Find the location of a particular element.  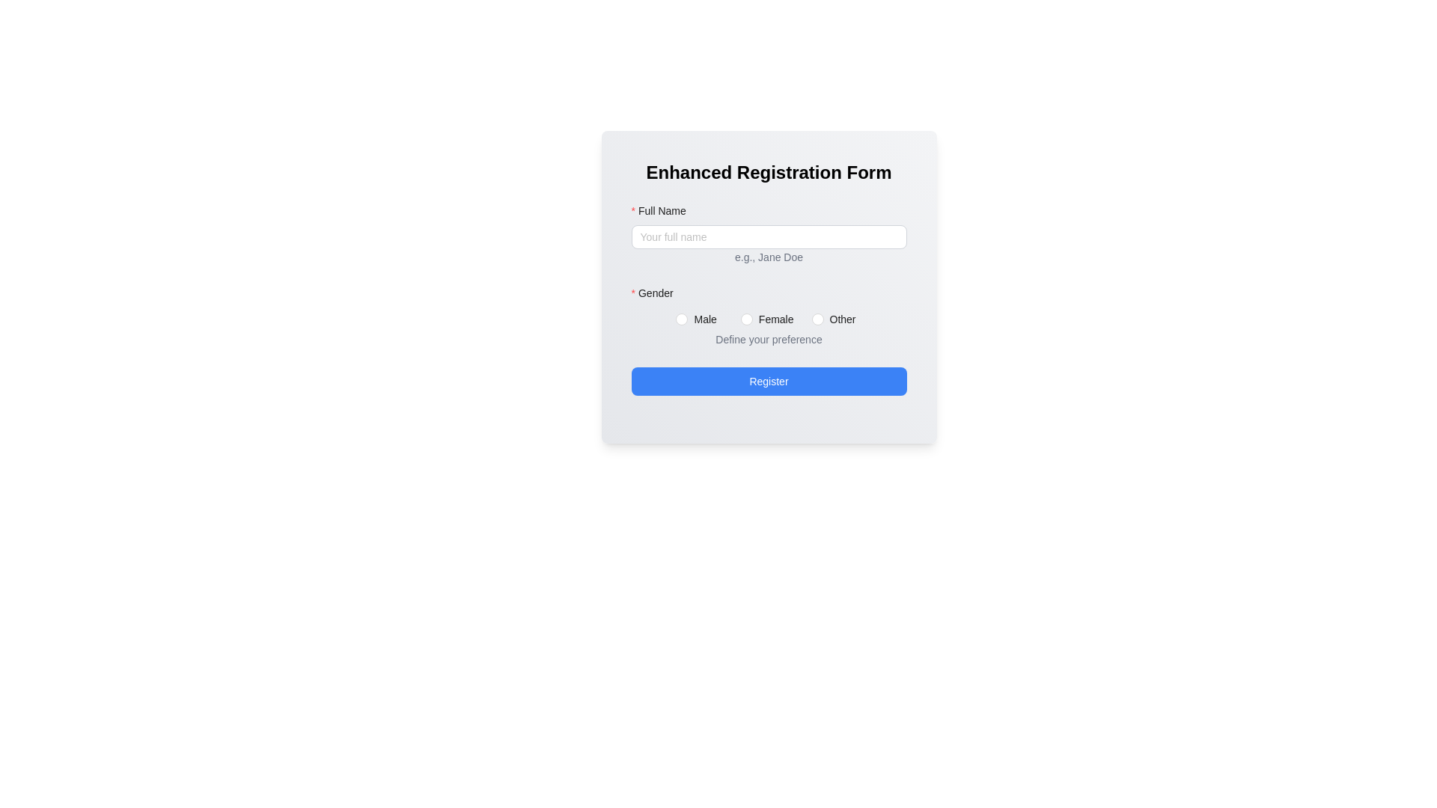

the Text Label or Heading that serves as the title for the registration form, positioned at the upper portion of the box in the center of the interface is located at coordinates (769, 172).